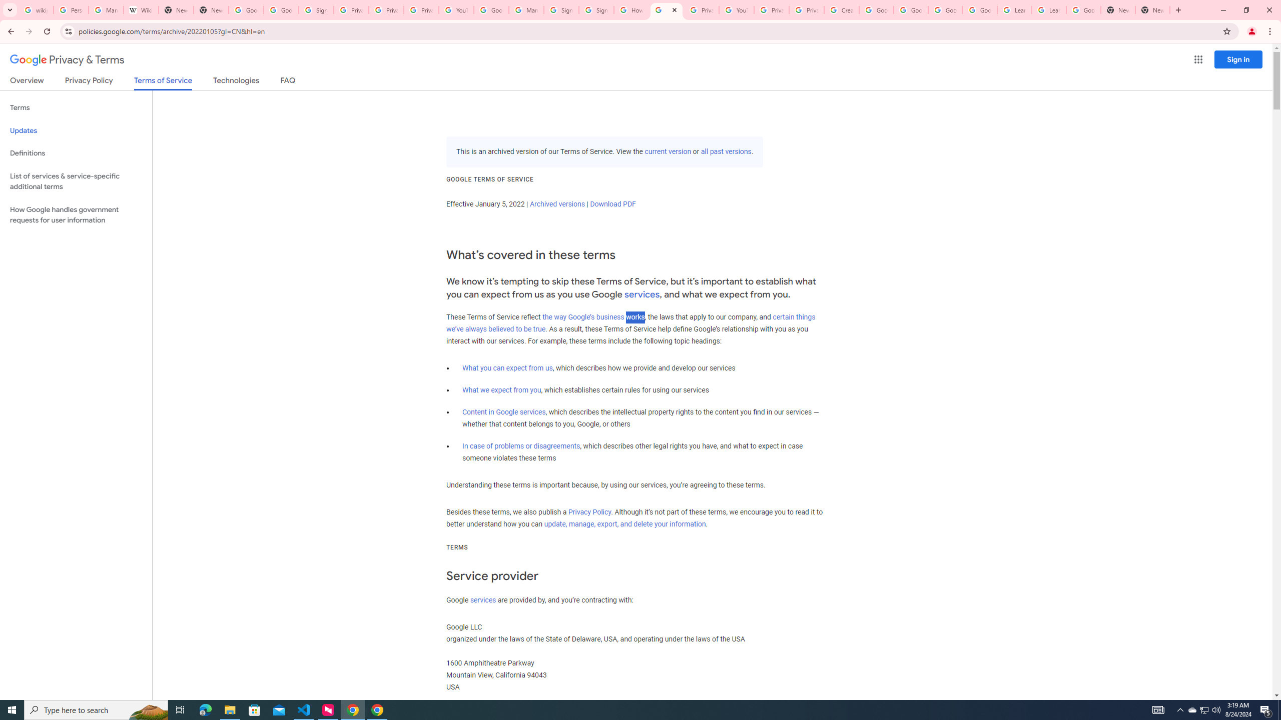  Describe the element at coordinates (556, 203) in the screenshot. I see `'Archived versions'` at that location.